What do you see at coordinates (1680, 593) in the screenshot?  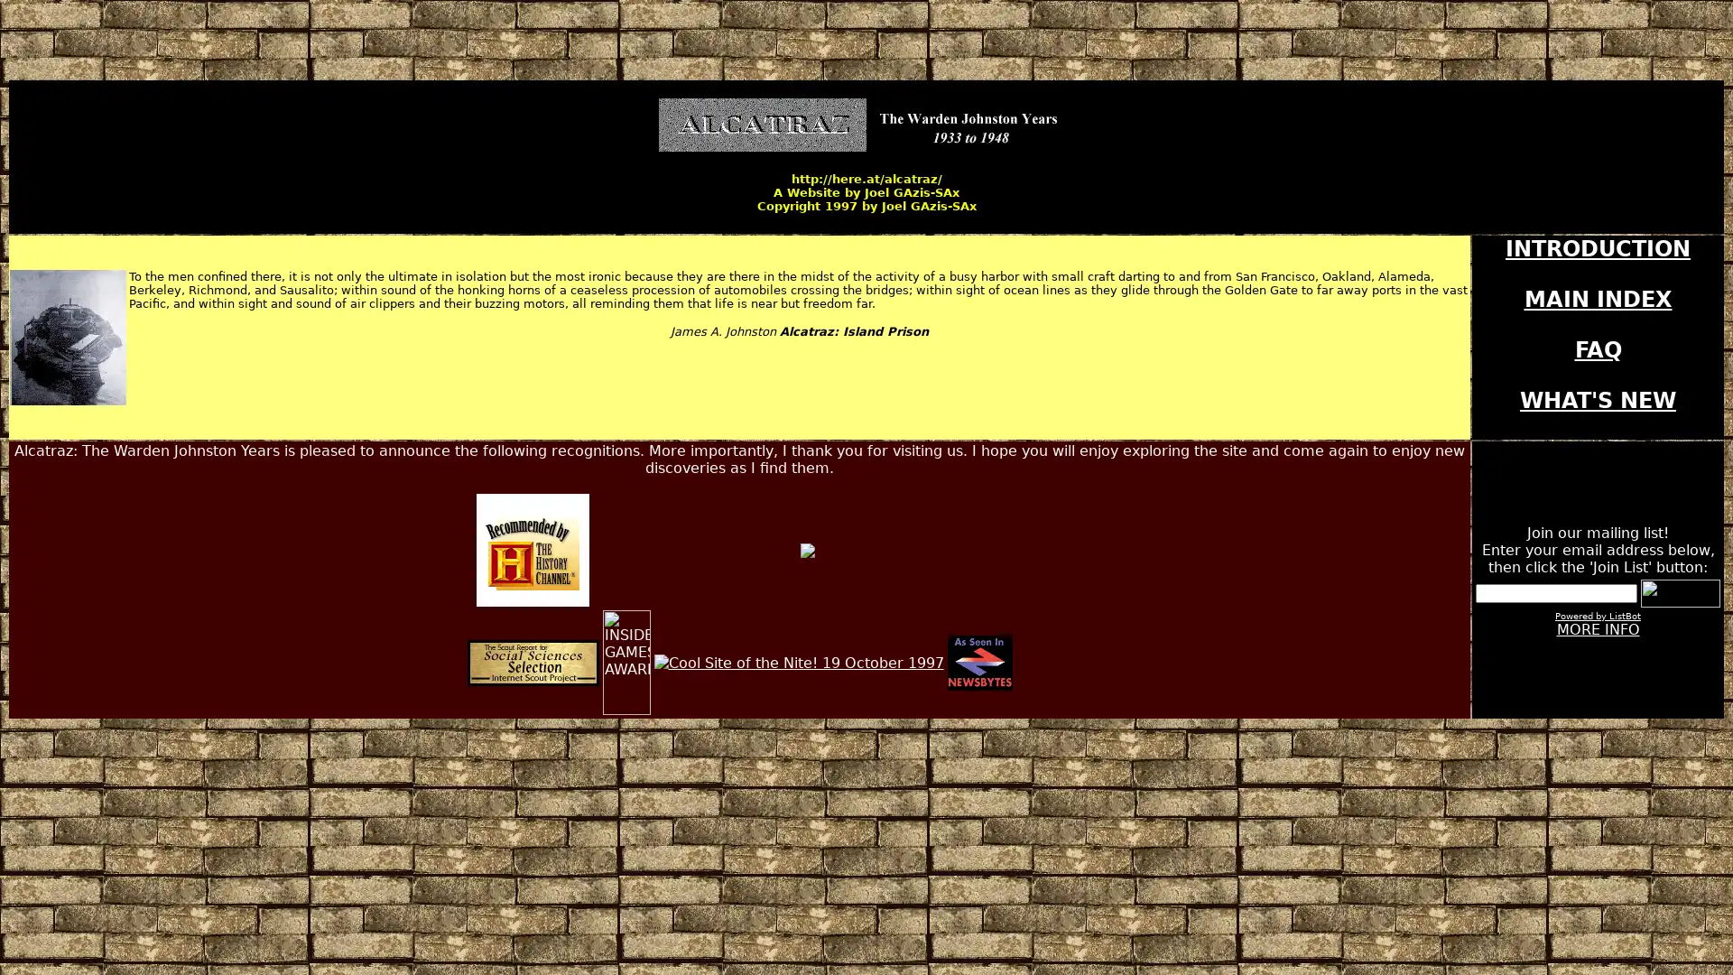 I see `Click here to join our mailing list!` at bounding box center [1680, 593].